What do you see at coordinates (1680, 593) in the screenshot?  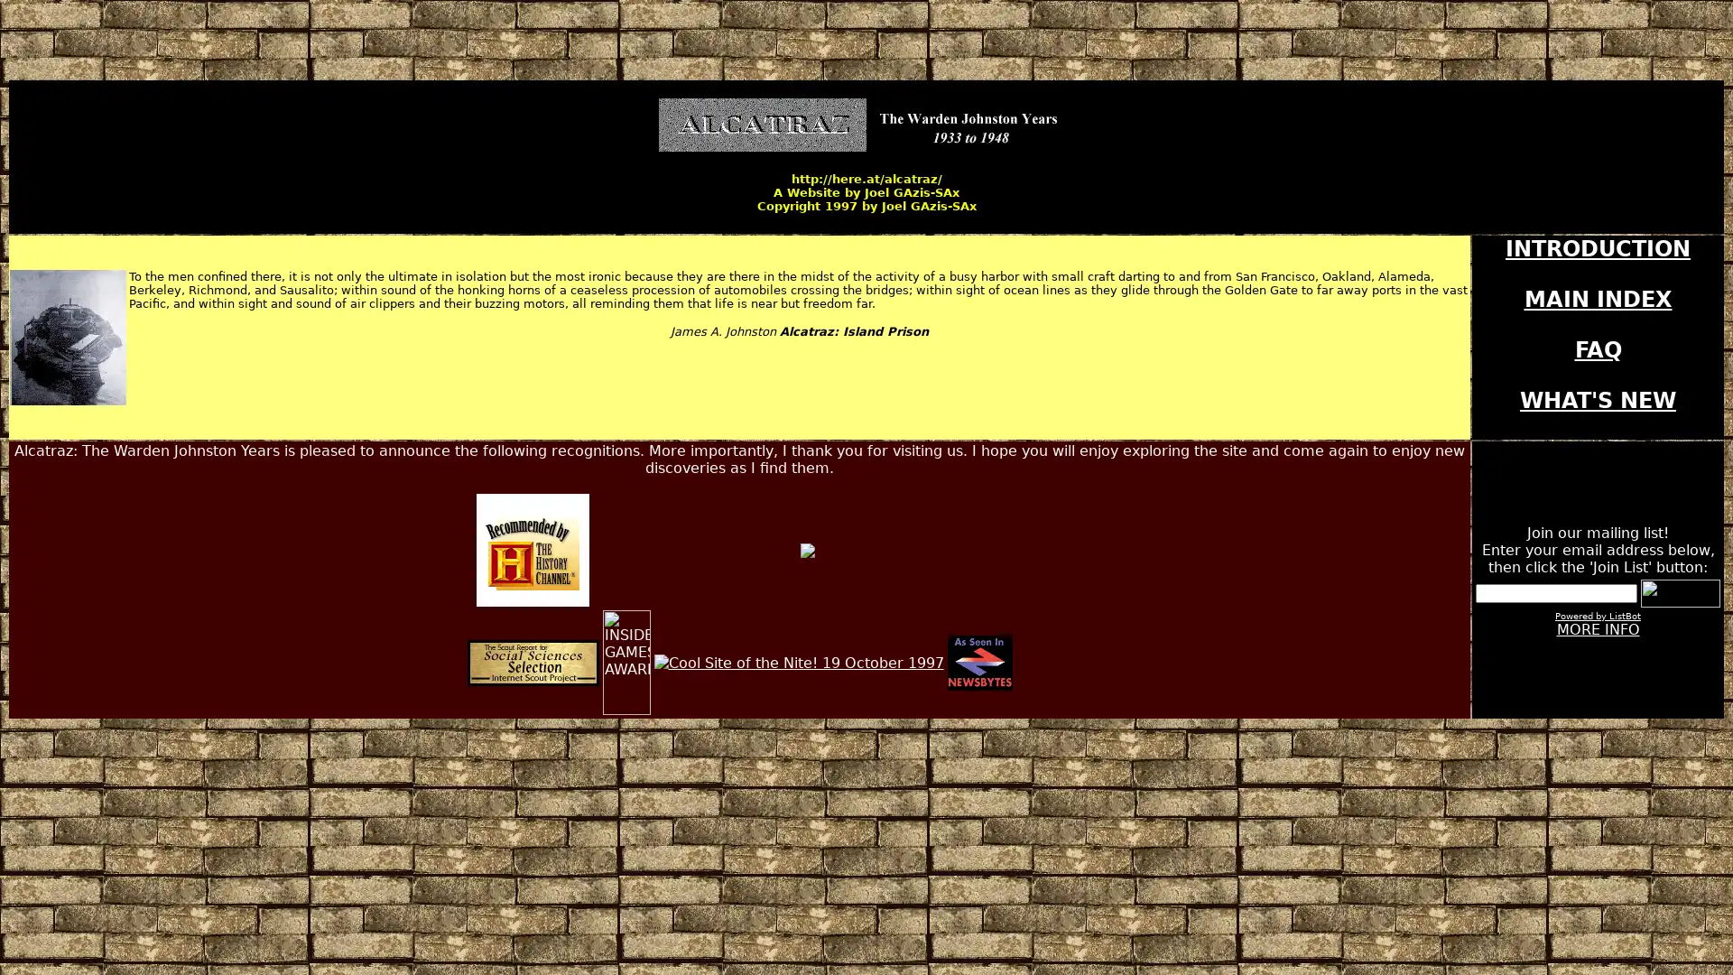 I see `Click here to join our mailing list!` at bounding box center [1680, 593].